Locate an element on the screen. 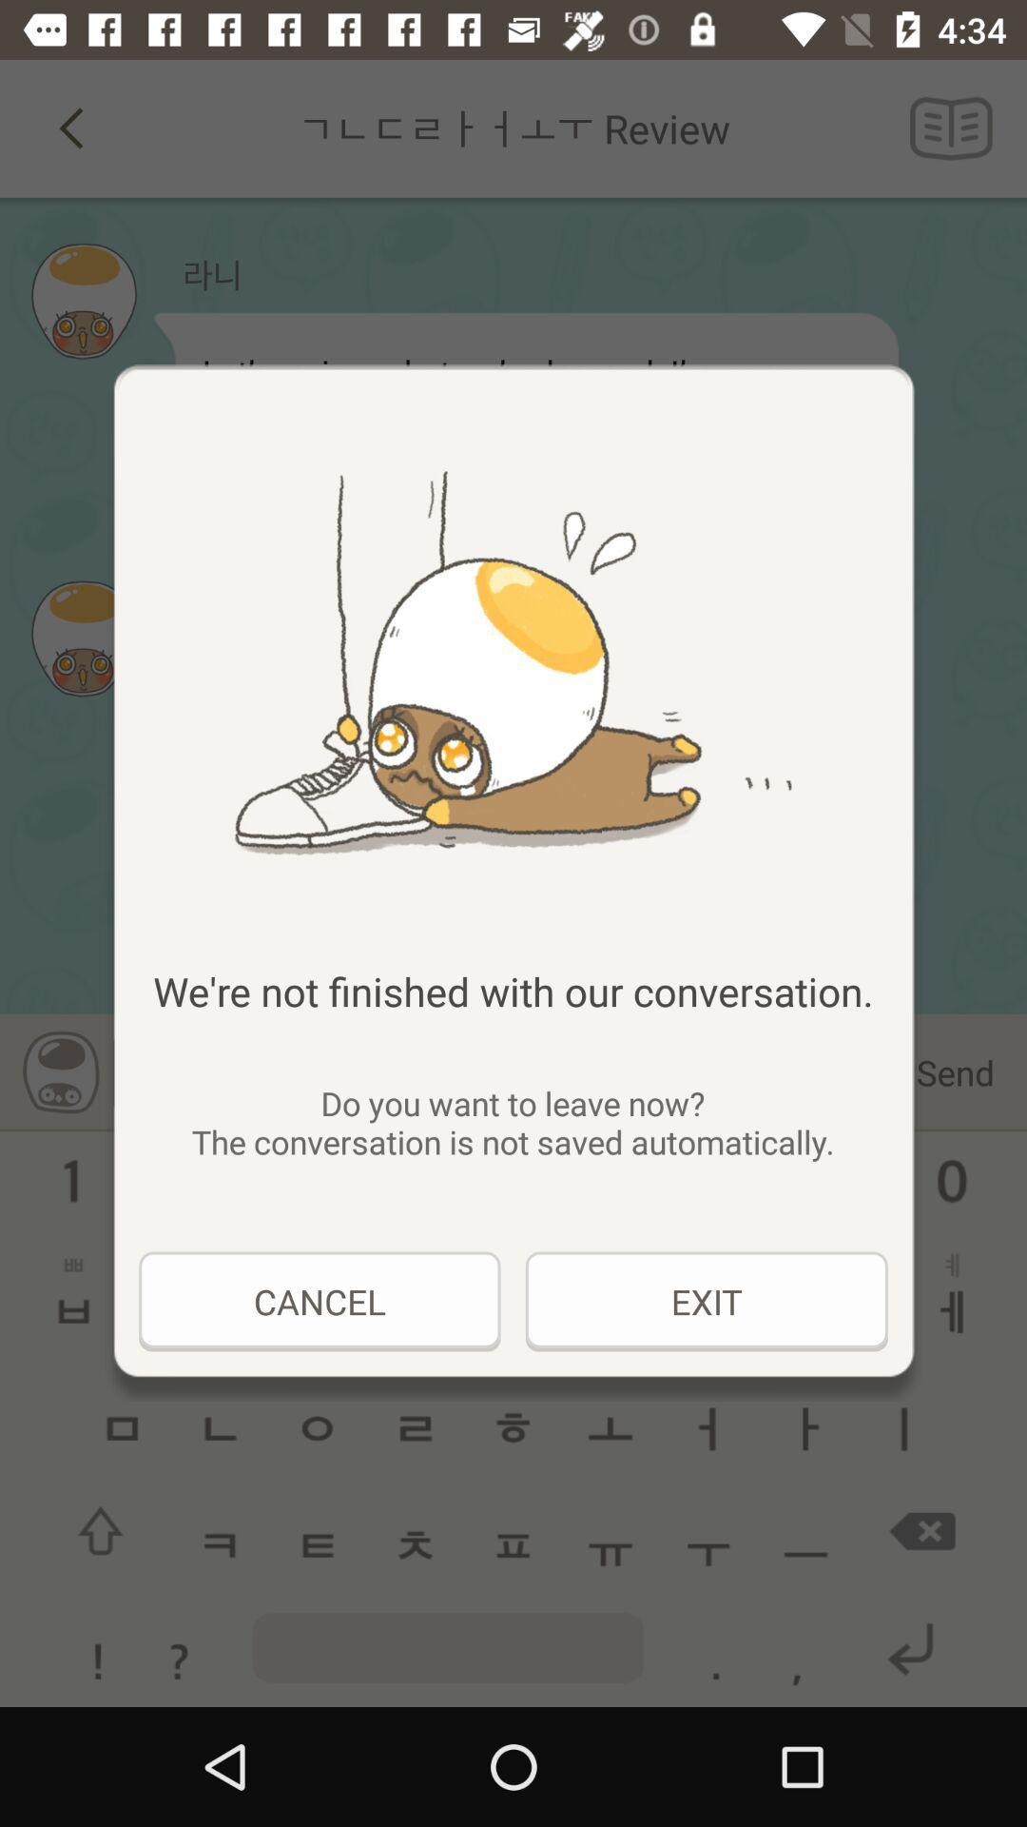 This screenshot has height=1827, width=1027. the icon to the right of cancel item is located at coordinates (707, 1301).